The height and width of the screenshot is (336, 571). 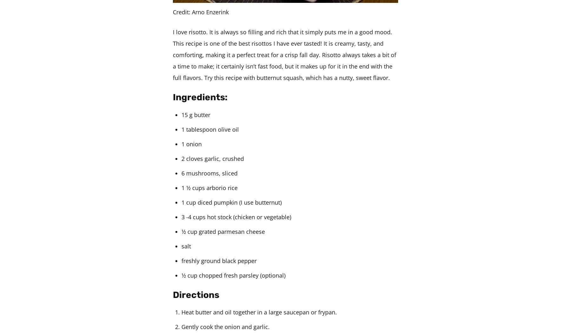 I want to click on '1⁄2 cup chopped fresh parsley (optional)', so click(x=181, y=275).